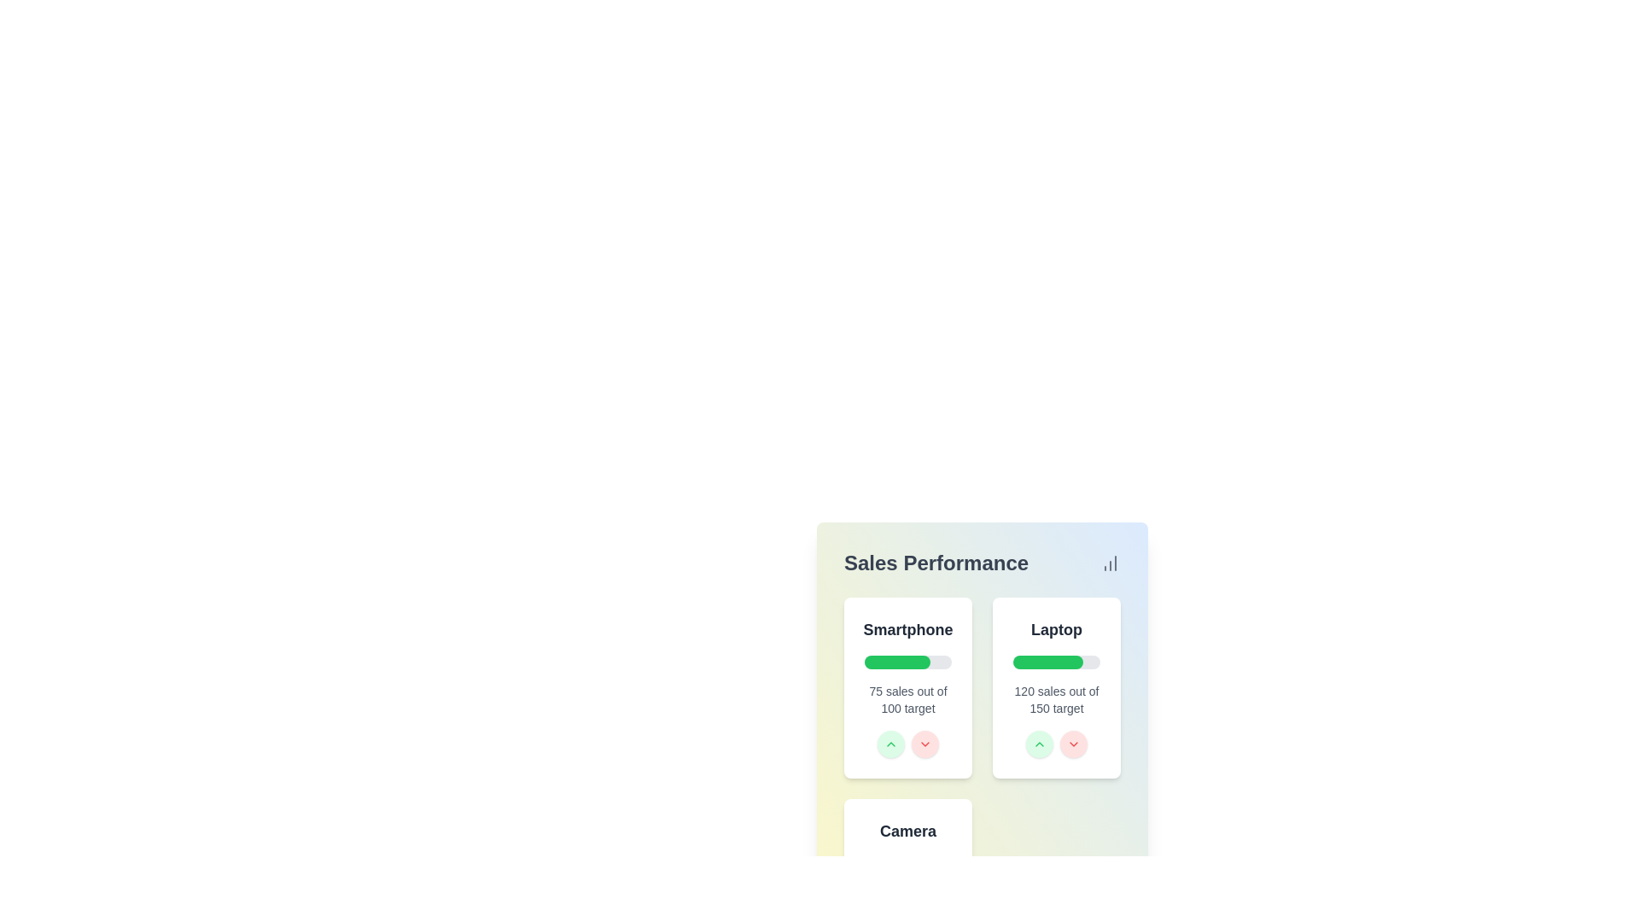  What do you see at coordinates (1039, 743) in the screenshot?
I see `the small chevron-up icon within the green circular button in the 'Sales Performance' section for 'Laptop'` at bounding box center [1039, 743].